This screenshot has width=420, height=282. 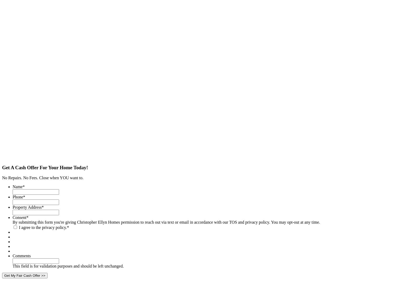 What do you see at coordinates (18, 197) in the screenshot?
I see `'Phone'` at bounding box center [18, 197].